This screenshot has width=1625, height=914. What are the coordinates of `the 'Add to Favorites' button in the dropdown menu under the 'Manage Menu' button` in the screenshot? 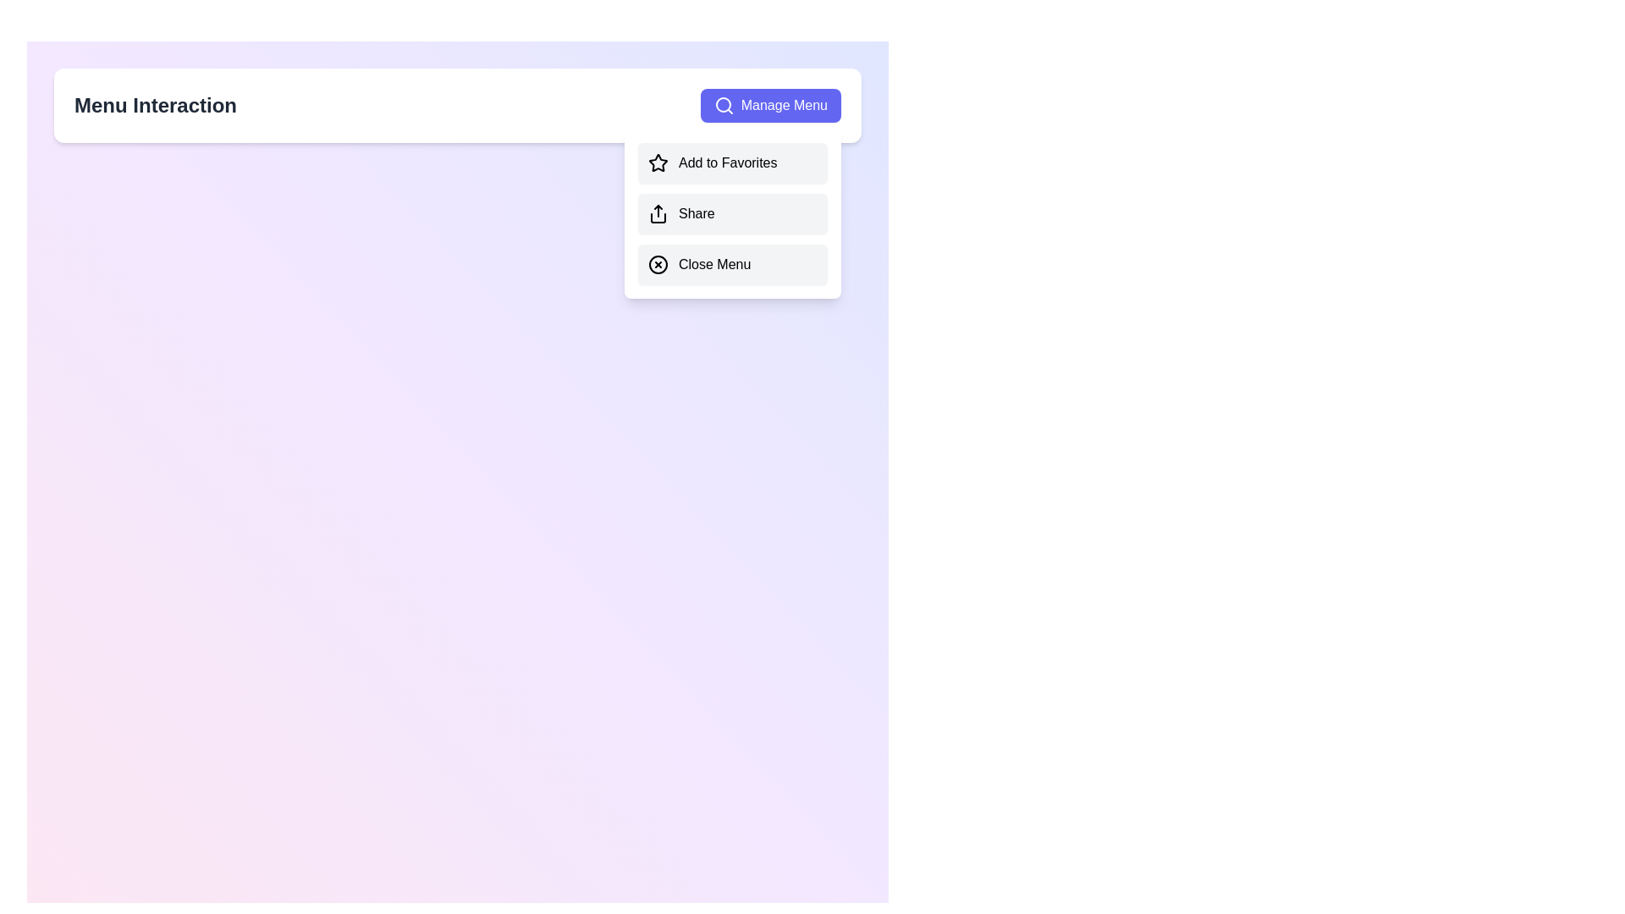 It's located at (732, 162).